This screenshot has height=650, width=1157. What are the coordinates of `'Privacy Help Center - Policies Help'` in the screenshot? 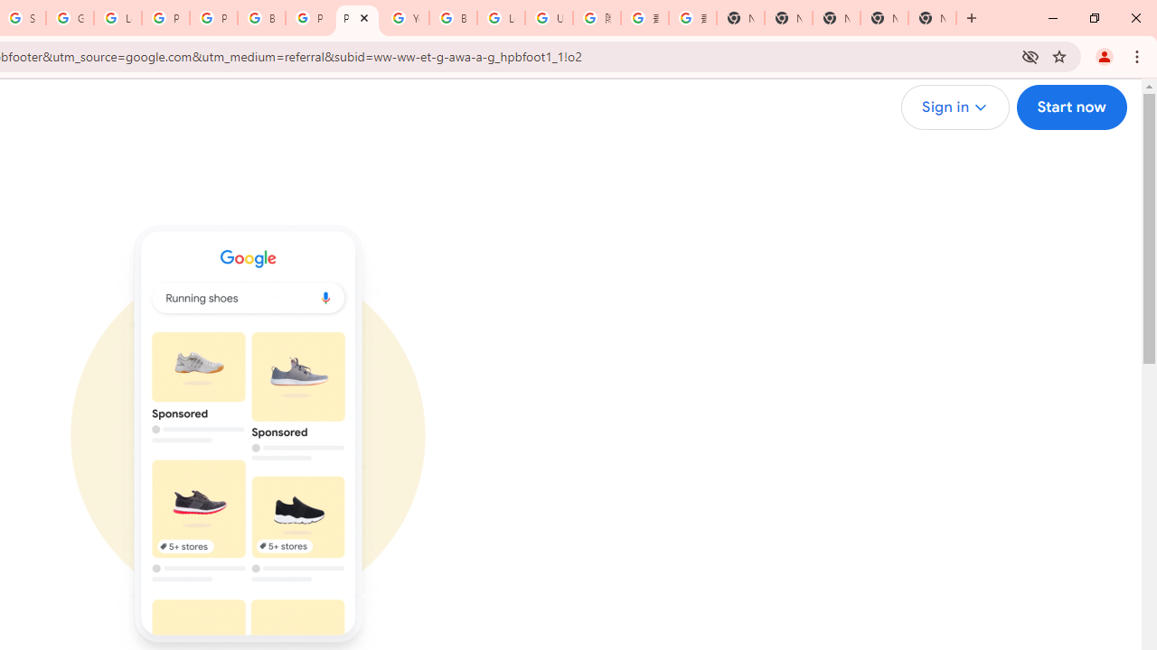 It's located at (165, 18).